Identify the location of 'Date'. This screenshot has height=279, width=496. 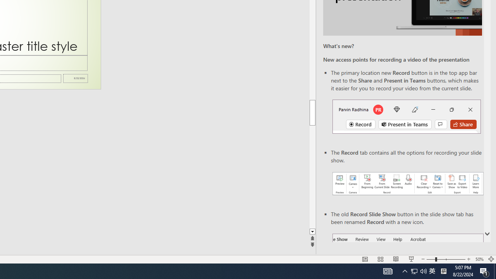
(75, 78).